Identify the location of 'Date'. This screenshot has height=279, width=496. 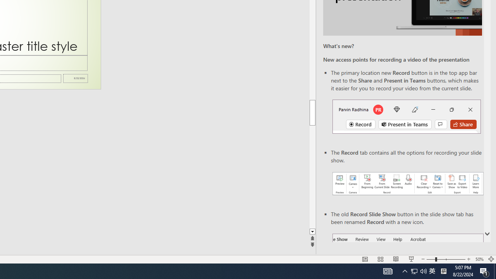
(75, 78).